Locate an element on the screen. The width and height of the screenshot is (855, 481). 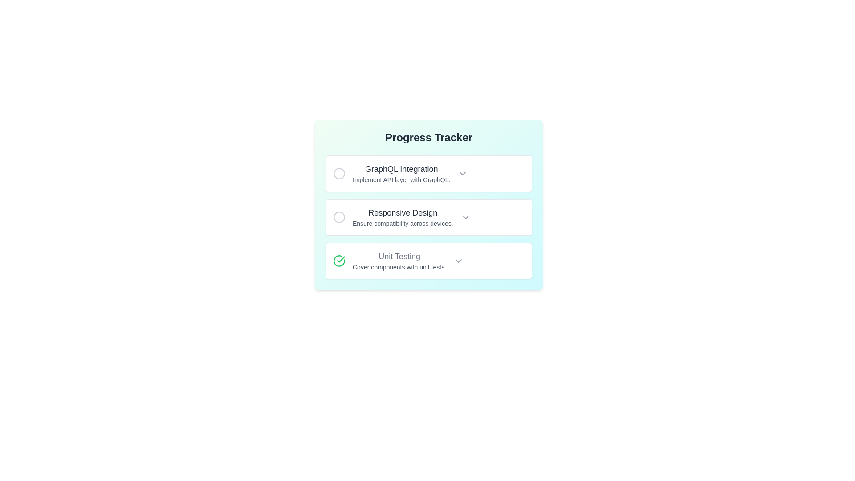
the text label displaying the phrase 'Cover components with unit tests.' which is styled in a smaller, subtle gray font and located below the crossed-out title 'Unit Testing.' is located at coordinates (399, 267).